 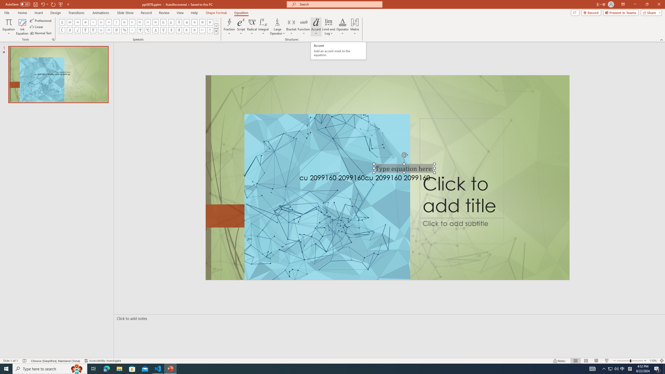 I want to click on 'Equation Symbol Complement', so click(x=62, y=30).